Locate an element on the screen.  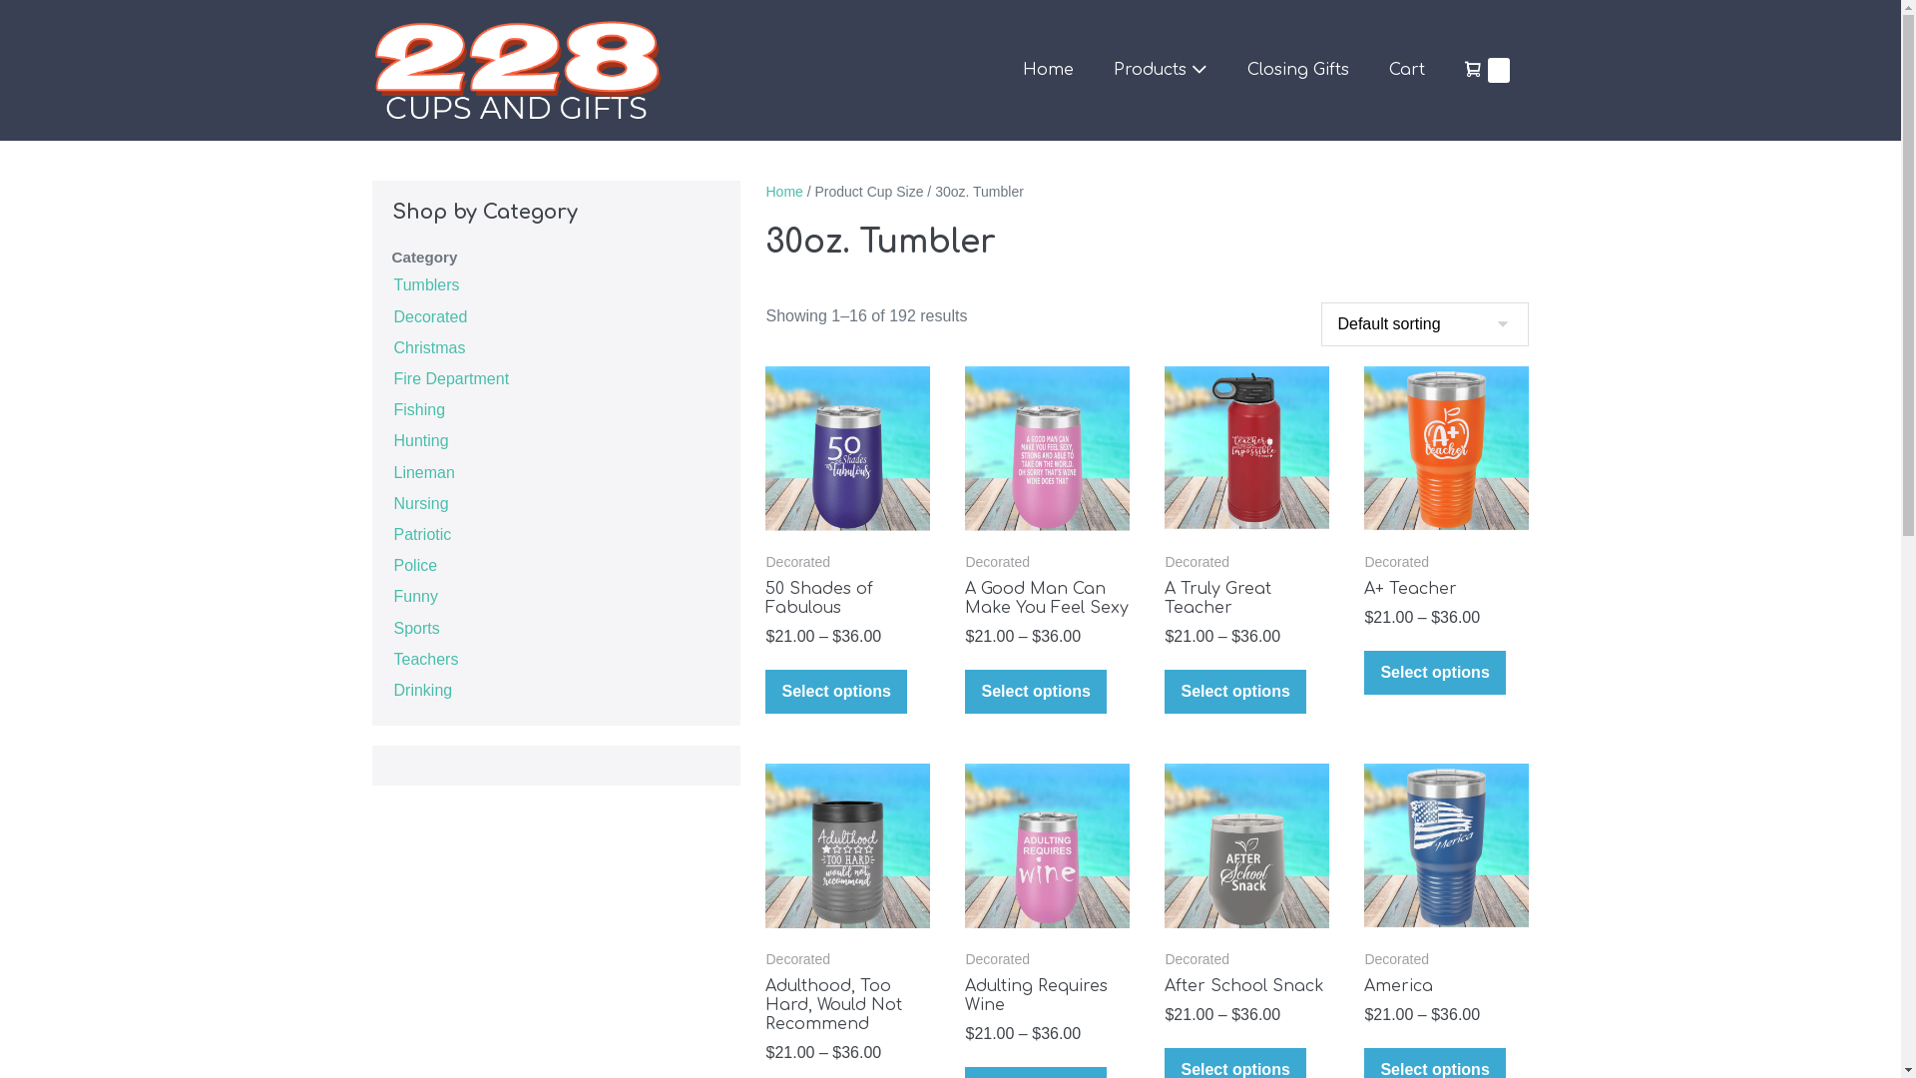
'Patriotic' is located at coordinates (420, 532).